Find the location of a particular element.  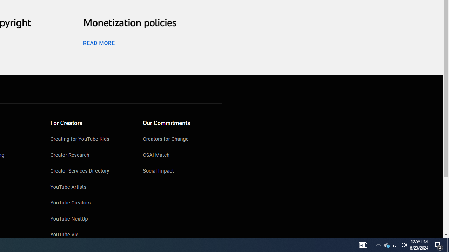

'Social Impact' is located at coordinates (182, 171).